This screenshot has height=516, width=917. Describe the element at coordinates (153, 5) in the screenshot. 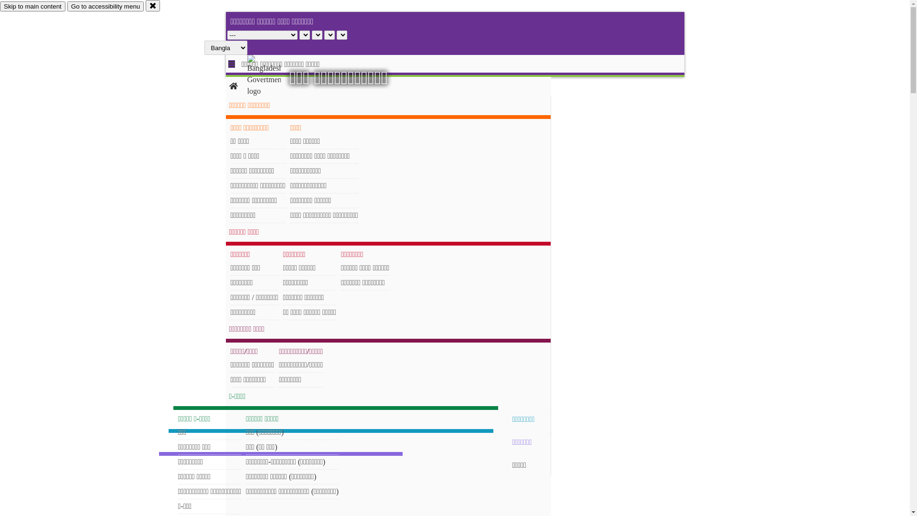

I see `'close'` at that location.